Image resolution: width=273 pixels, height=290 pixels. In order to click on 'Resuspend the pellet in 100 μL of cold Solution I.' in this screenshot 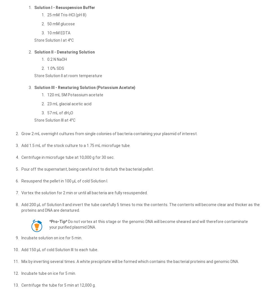, I will do `click(64, 180)`.